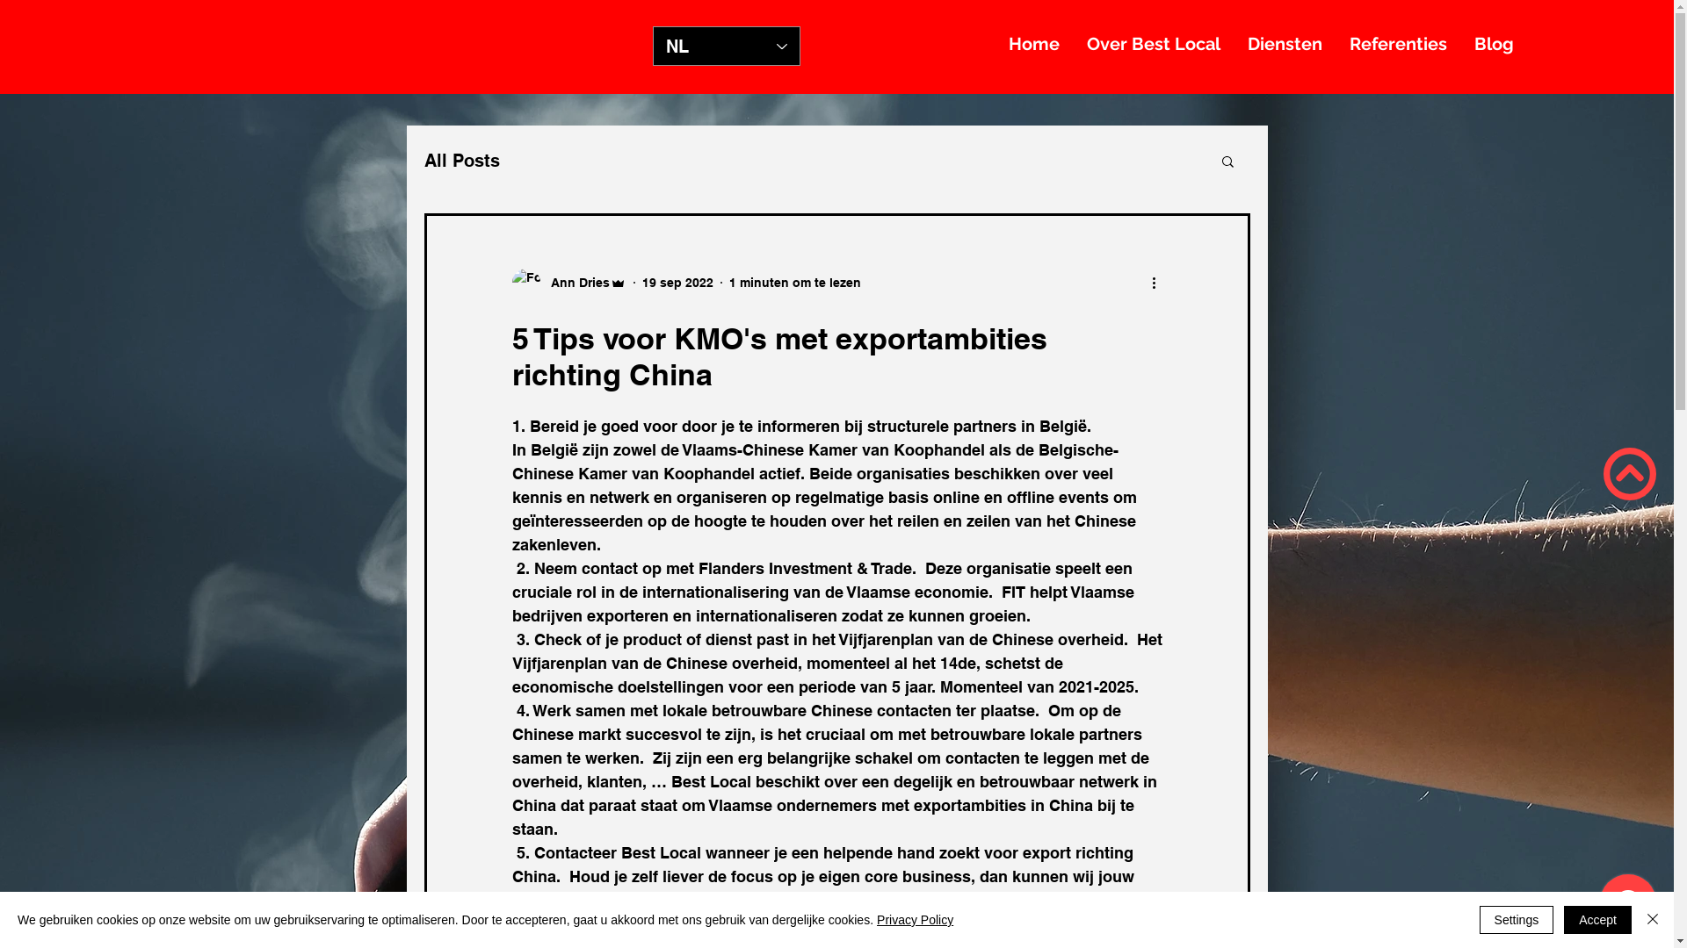 This screenshot has height=948, width=1687. What do you see at coordinates (1154, 43) in the screenshot?
I see `'Over Best Local'` at bounding box center [1154, 43].